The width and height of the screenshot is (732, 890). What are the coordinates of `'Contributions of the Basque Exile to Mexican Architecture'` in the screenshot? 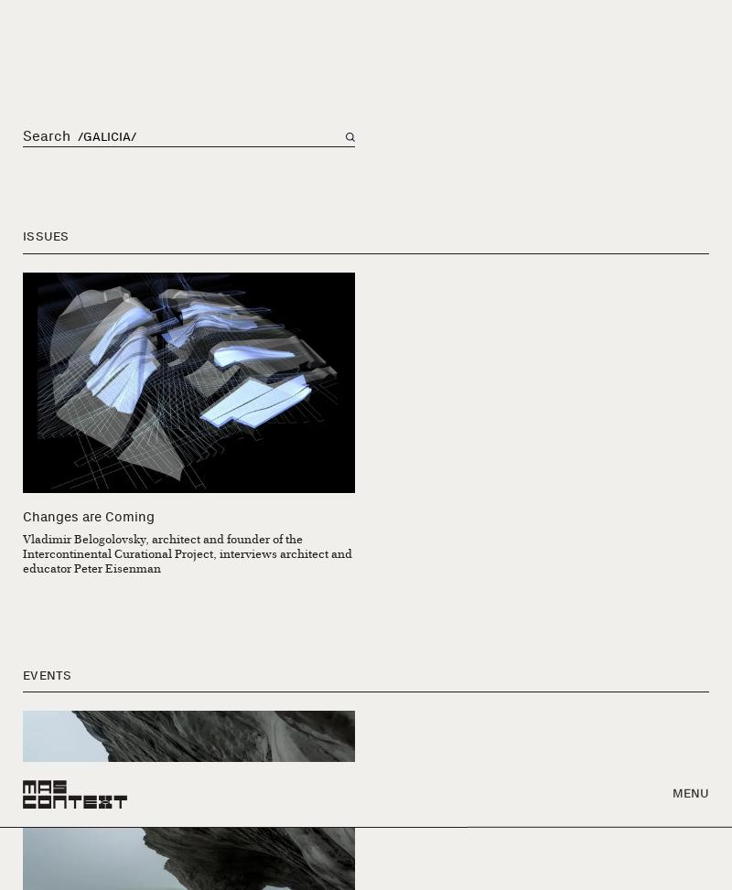 It's located at (165, 591).